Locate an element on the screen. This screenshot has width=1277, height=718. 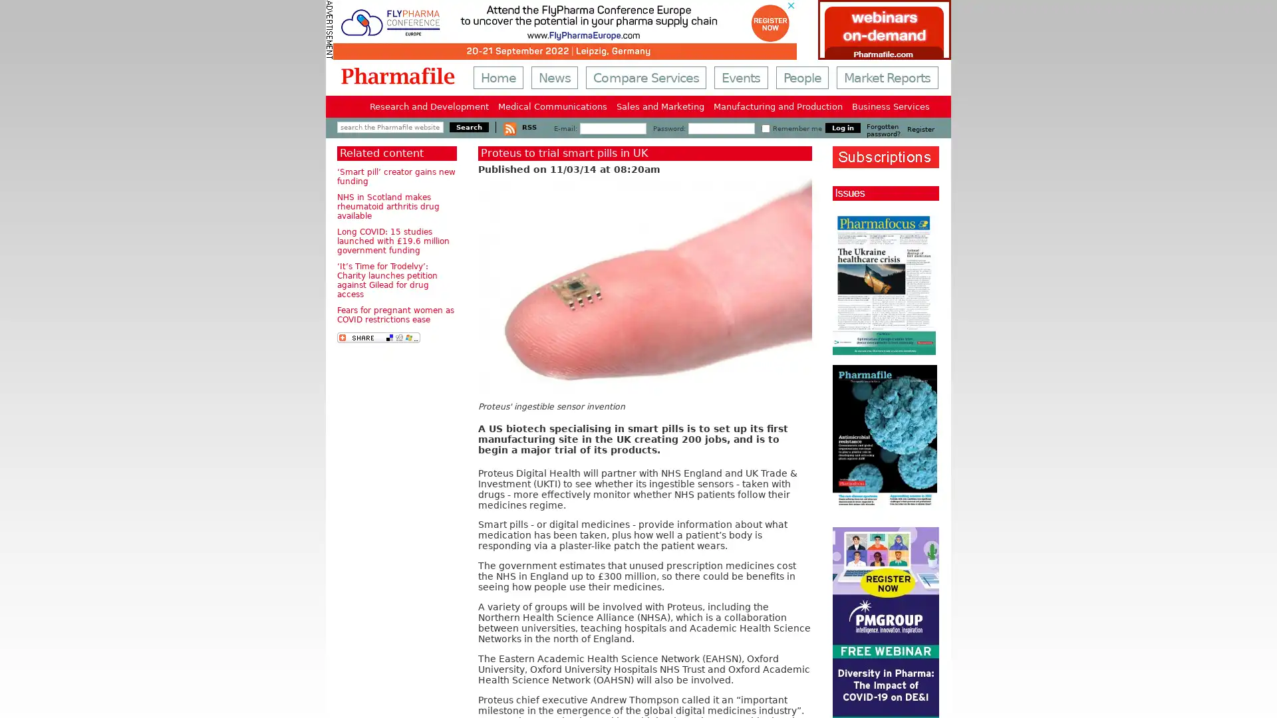
Log in is located at coordinates (842, 128).